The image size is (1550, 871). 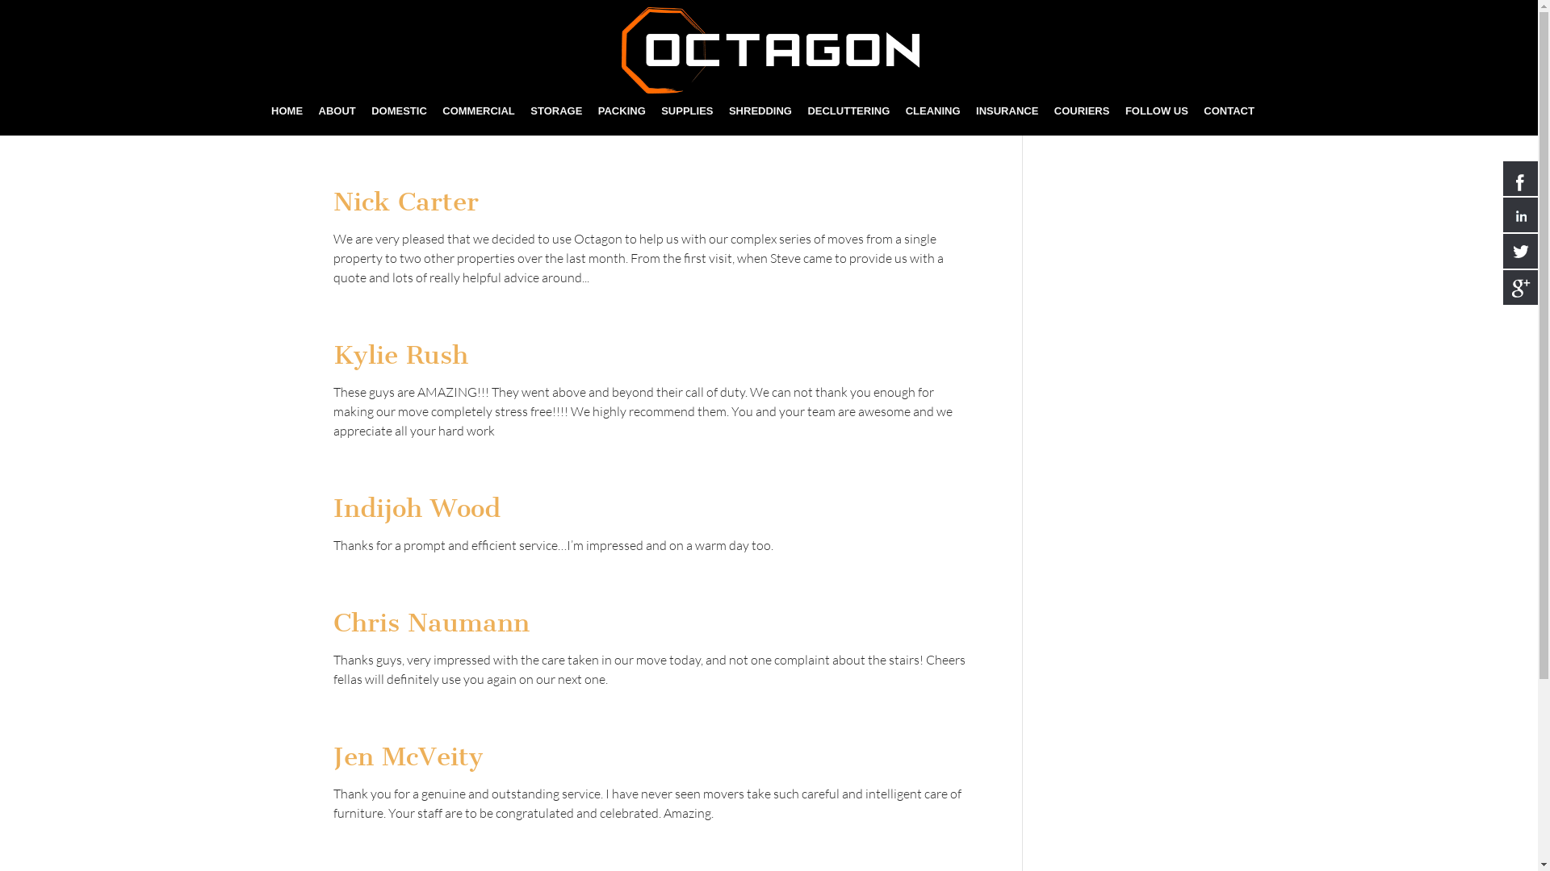 I want to click on 'DECLUTTERING', so click(x=806, y=119).